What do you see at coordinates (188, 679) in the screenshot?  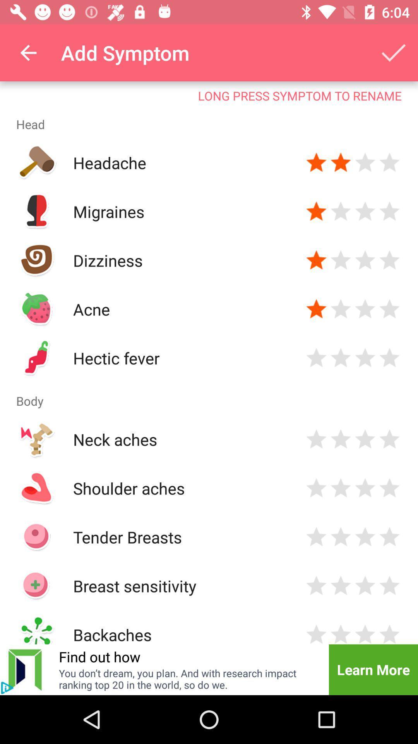 I see `the you don t icon` at bounding box center [188, 679].